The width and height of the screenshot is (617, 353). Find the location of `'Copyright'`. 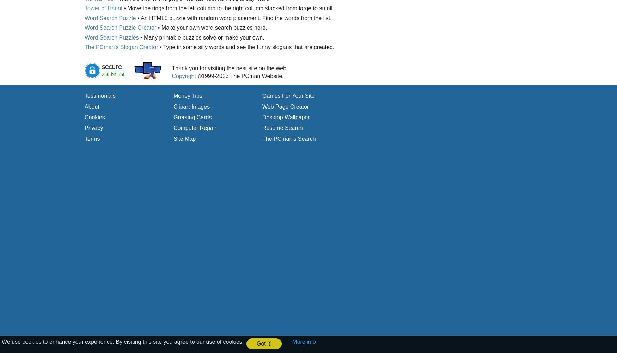

'Copyright' is located at coordinates (172, 76).